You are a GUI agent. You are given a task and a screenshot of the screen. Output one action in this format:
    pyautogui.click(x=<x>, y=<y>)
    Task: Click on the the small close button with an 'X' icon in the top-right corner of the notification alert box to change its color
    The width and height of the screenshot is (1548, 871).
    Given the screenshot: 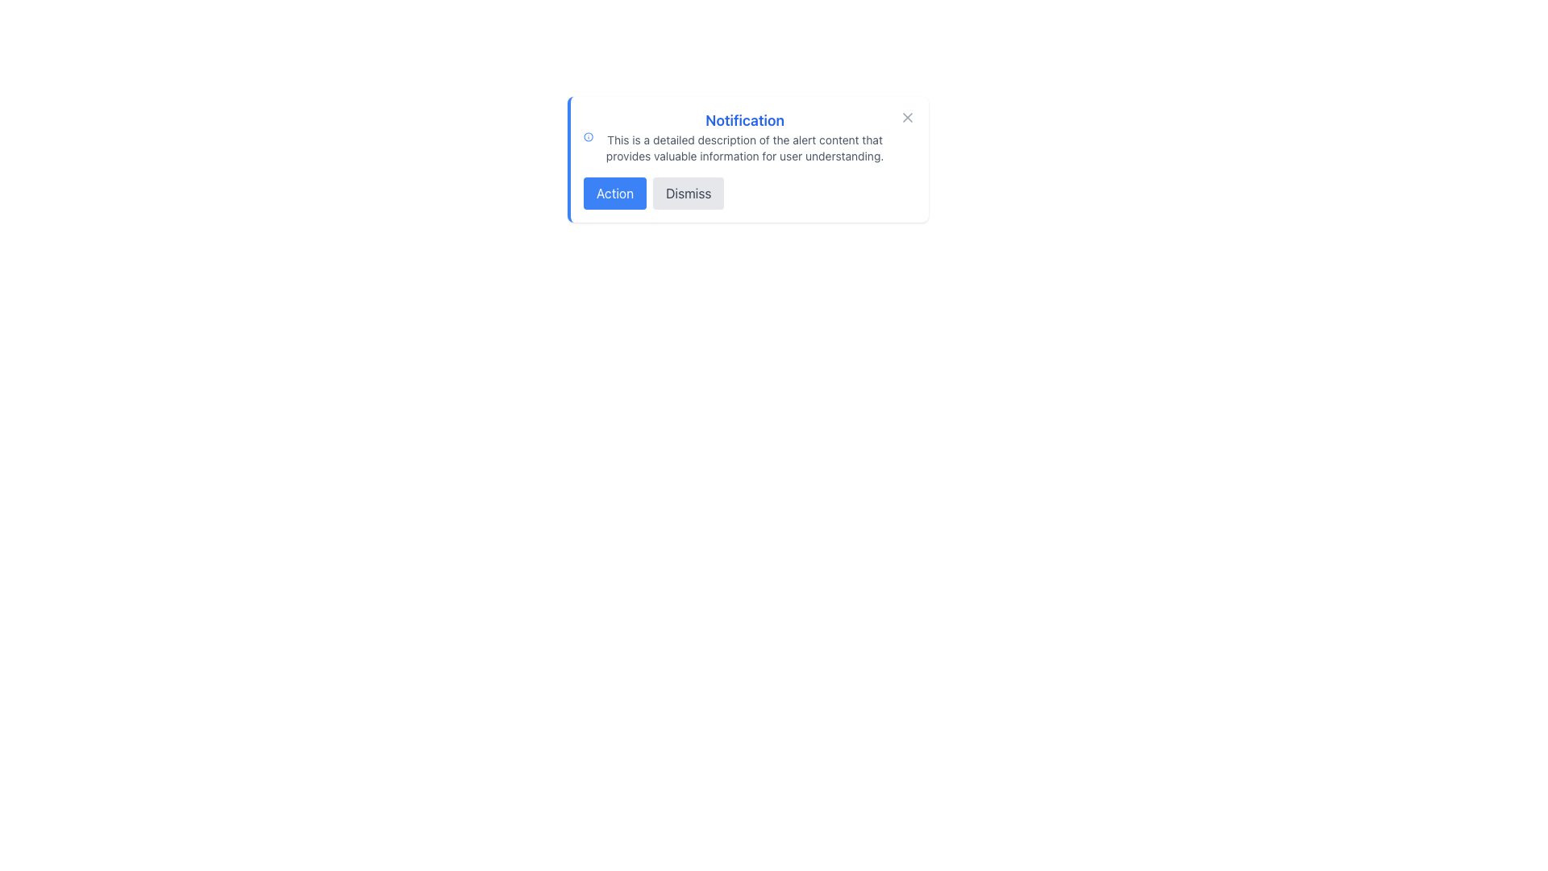 What is the action you would take?
    pyautogui.click(x=908, y=117)
    